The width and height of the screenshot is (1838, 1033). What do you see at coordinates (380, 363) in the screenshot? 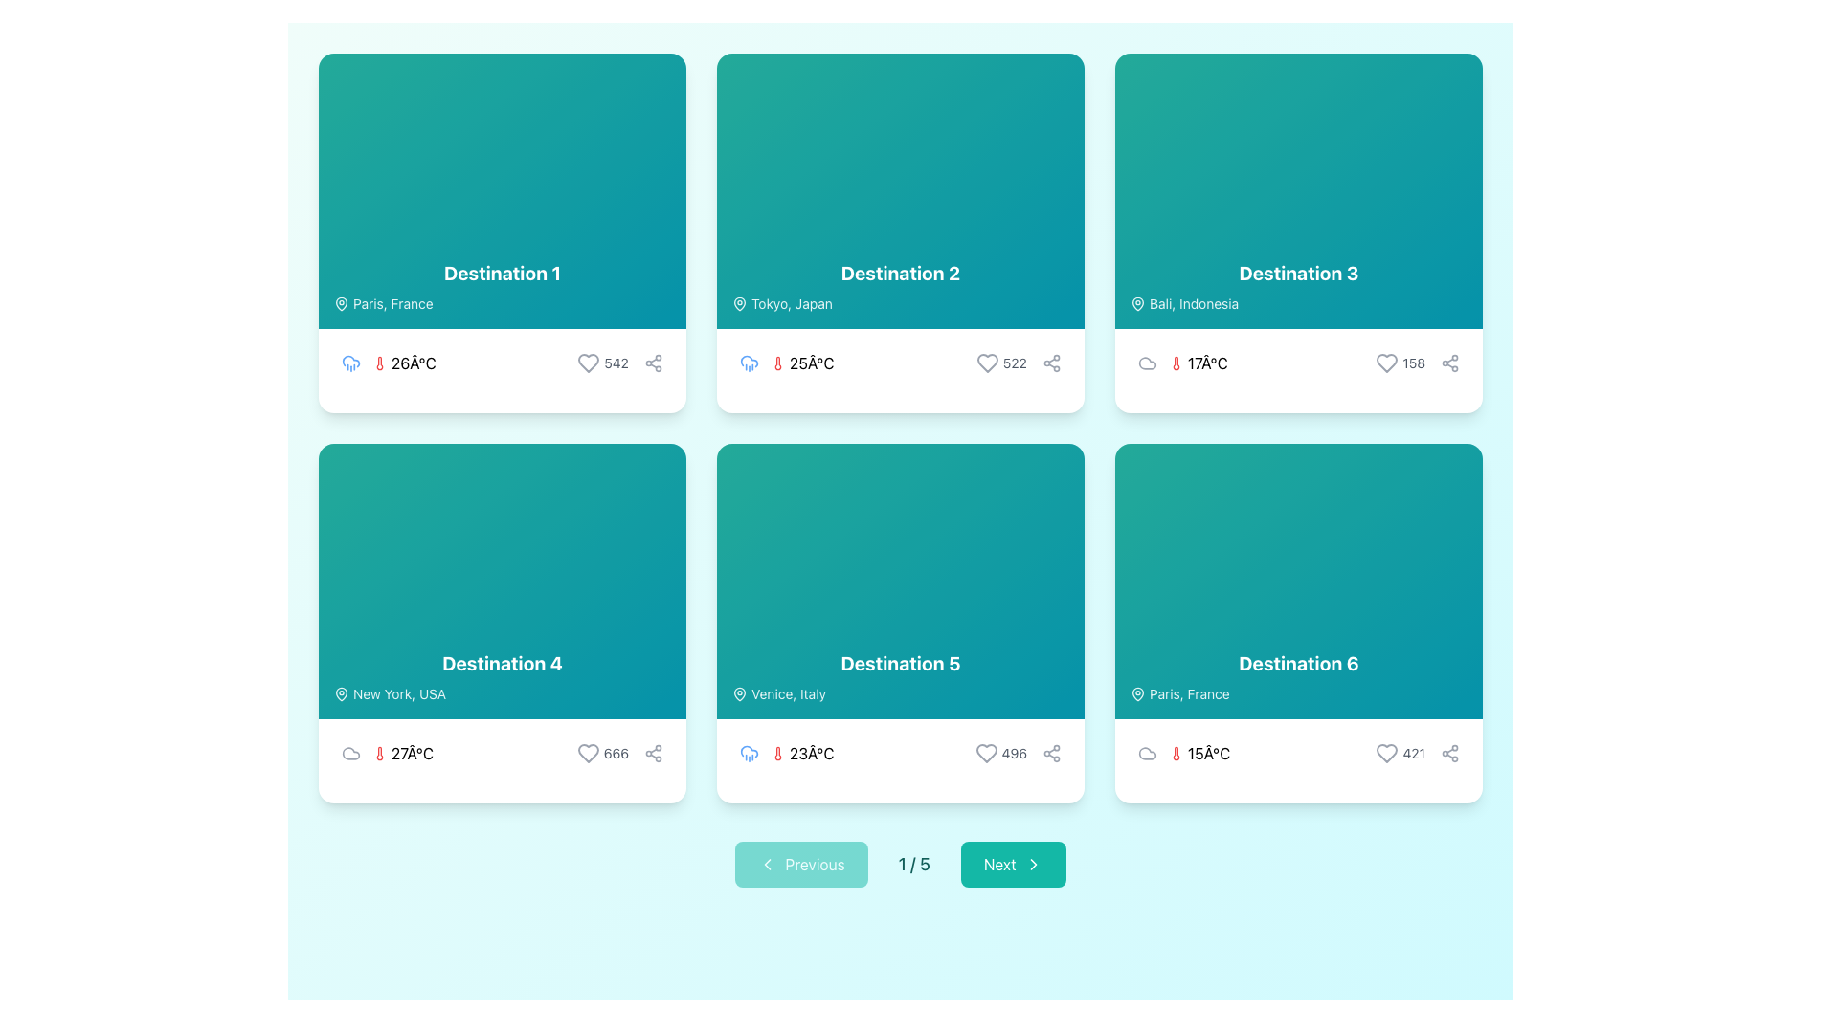
I see `the temperature icon located in the top-left corner of the 'Destination 1' card, adjacent to the '26°C' label` at bounding box center [380, 363].